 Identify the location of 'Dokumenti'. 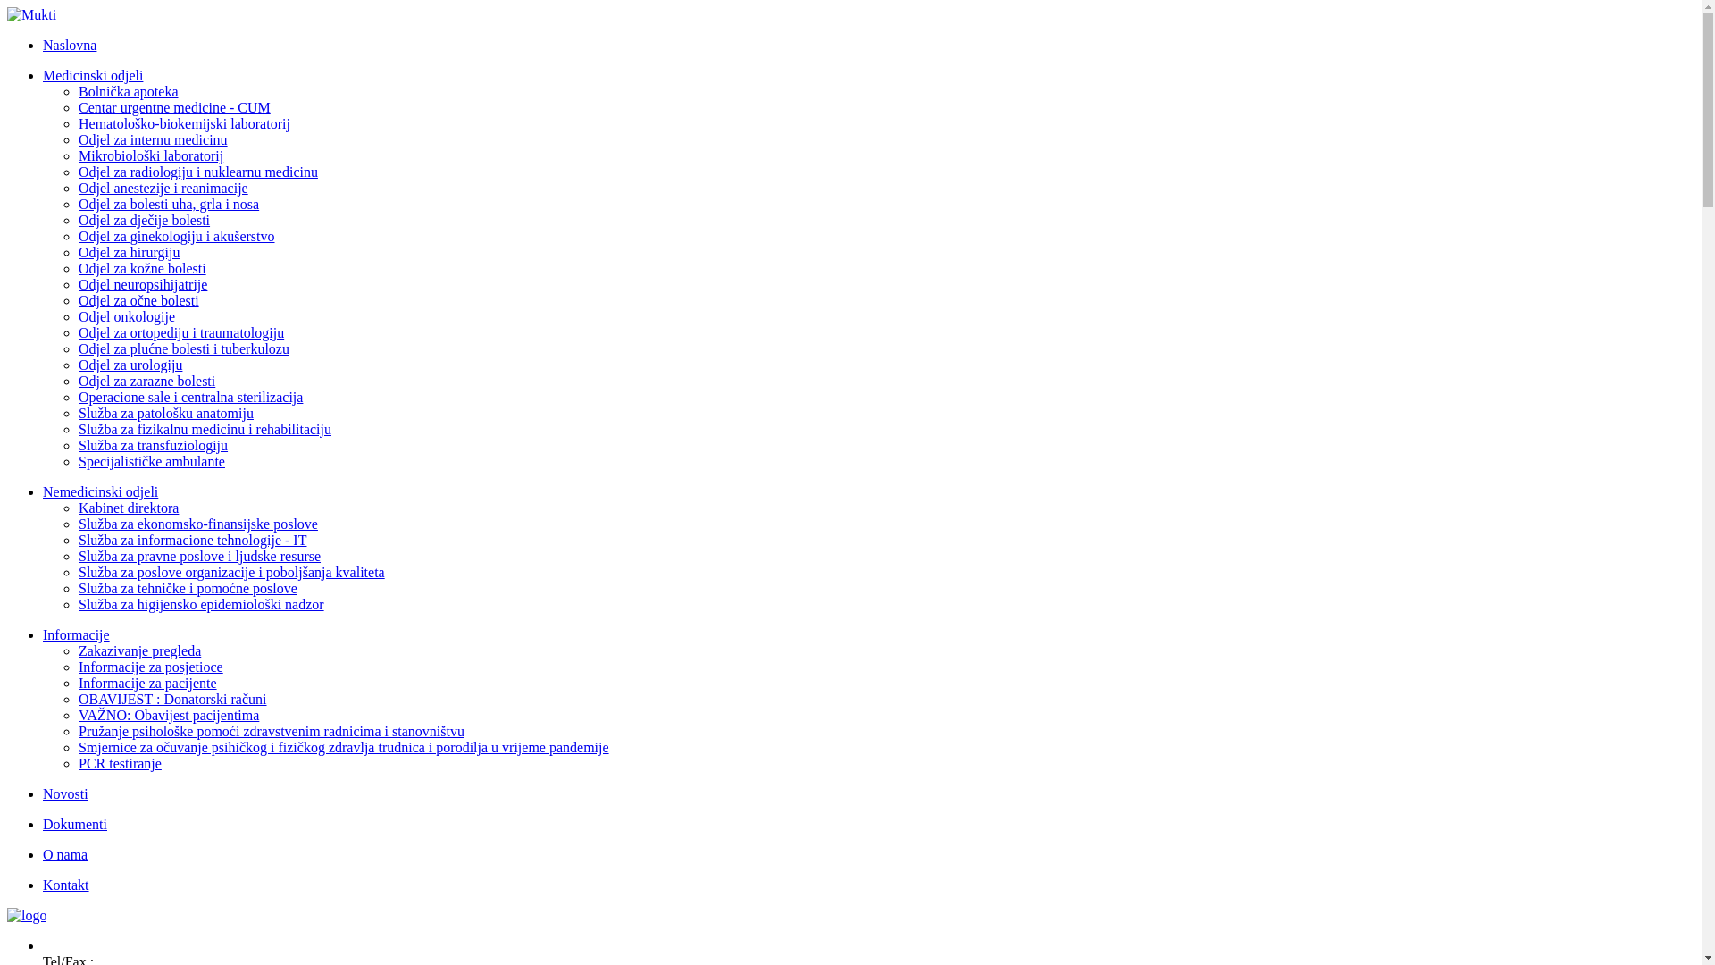
(73, 824).